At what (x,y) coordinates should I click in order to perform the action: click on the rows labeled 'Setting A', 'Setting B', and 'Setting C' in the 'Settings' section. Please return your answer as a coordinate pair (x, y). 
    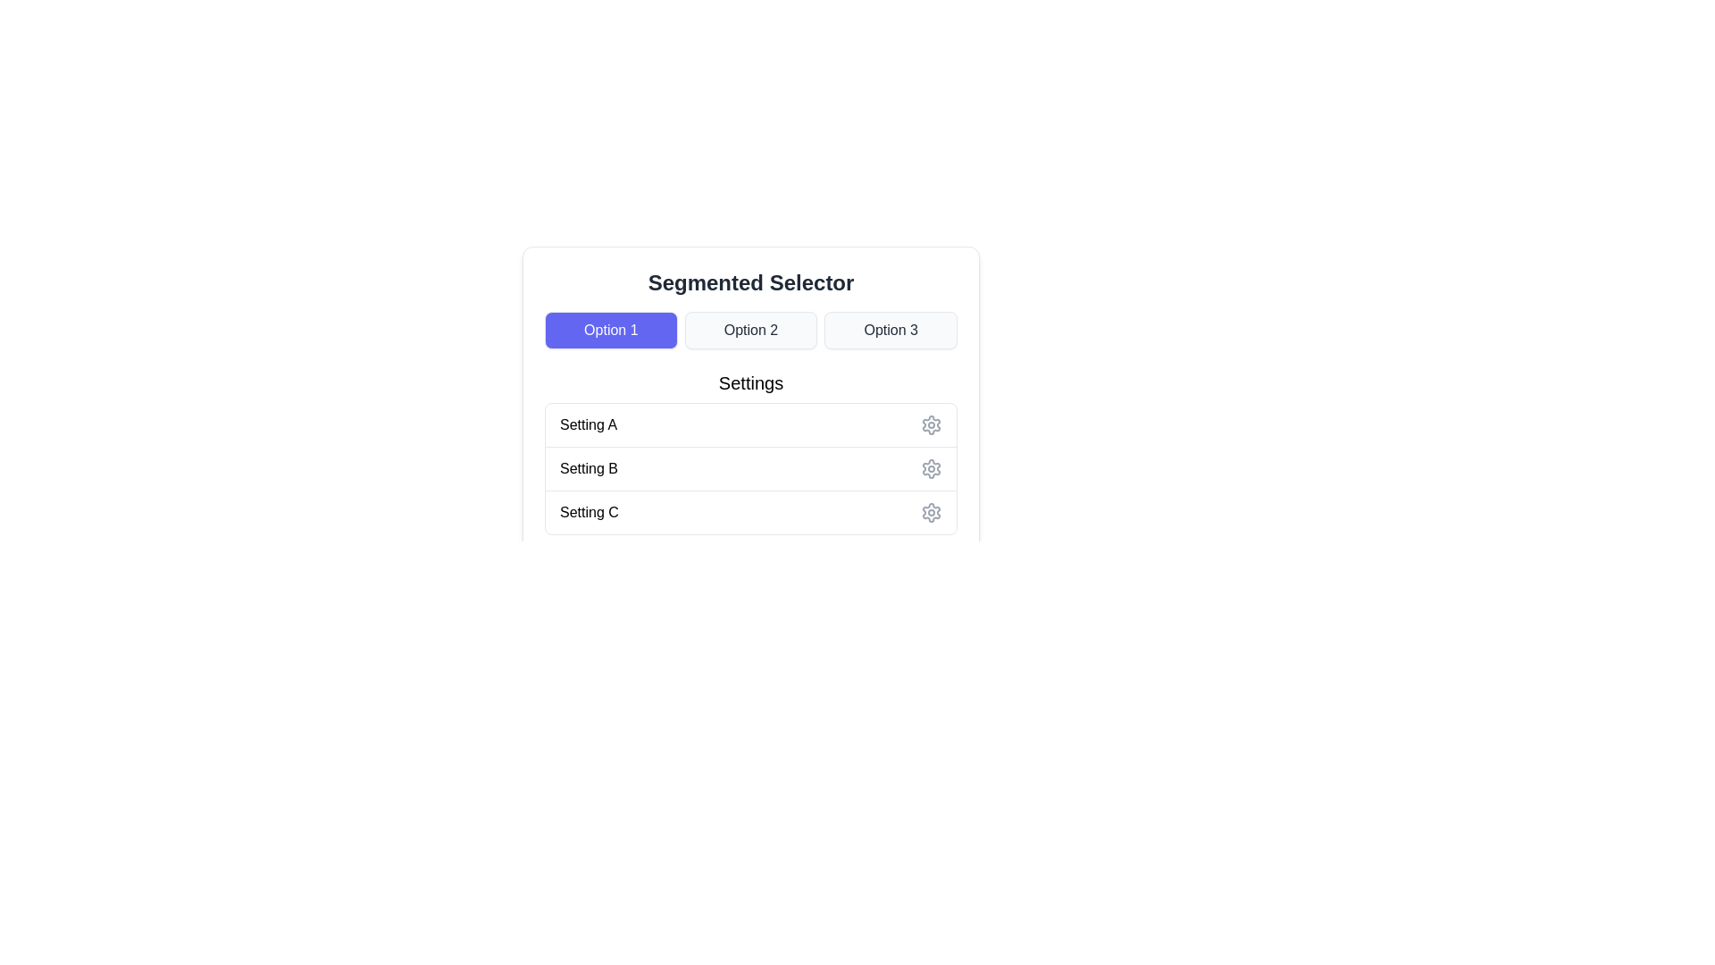
    Looking at the image, I should click on (750, 451).